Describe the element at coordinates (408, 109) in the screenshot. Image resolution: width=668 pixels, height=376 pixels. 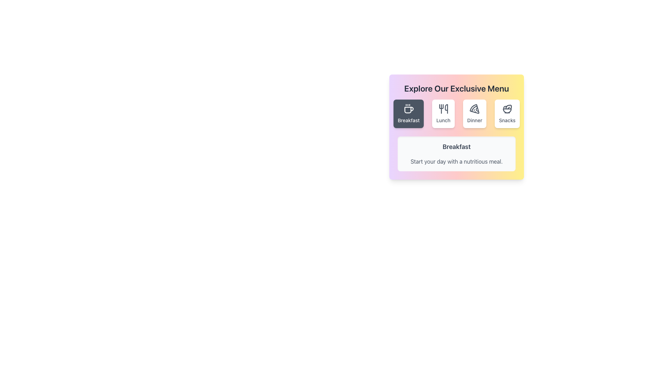
I see `the coffee cup icon located above the 'Breakfast' text in the first button of the horizontal row of buttons` at that location.